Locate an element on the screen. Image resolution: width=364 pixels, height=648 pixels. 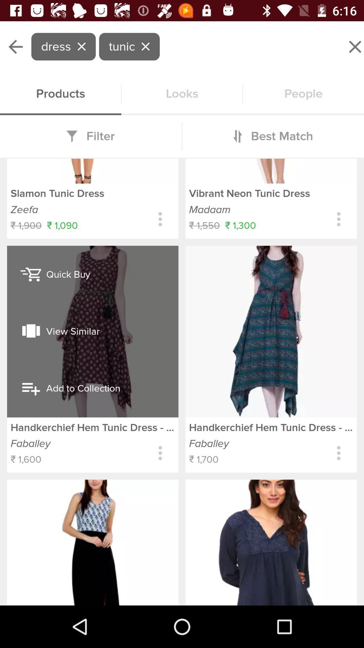
the first image in second row is located at coordinates (93, 542).